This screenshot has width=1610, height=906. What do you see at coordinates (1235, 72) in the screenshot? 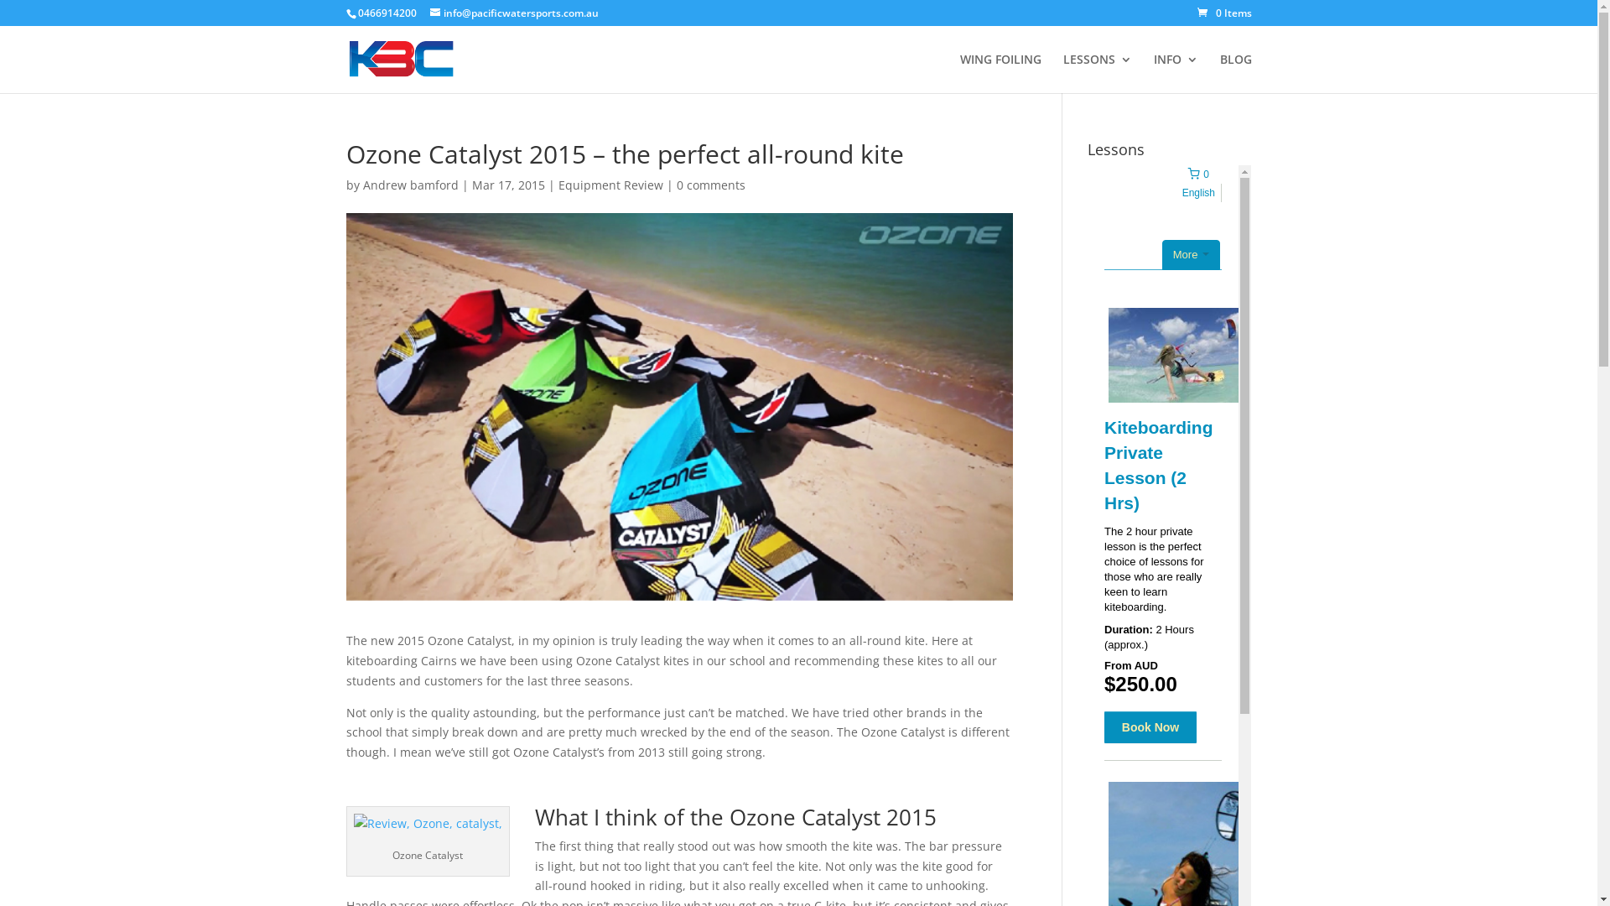
I see `'BLOG'` at bounding box center [1235, 72].